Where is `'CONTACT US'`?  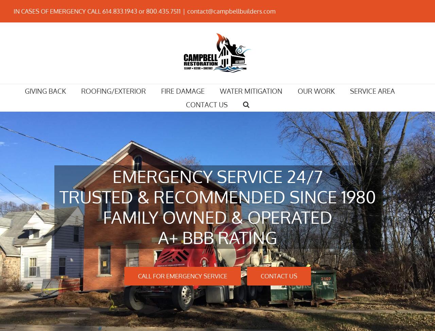
'CONTACT US' is located at coordinates (186, 104).